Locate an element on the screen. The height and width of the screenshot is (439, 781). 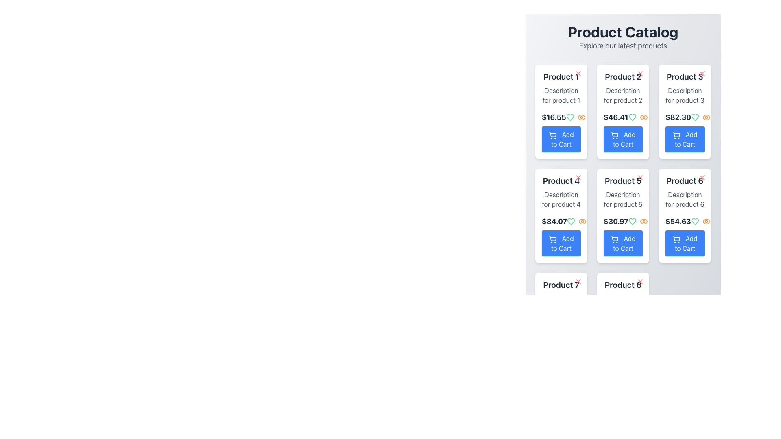
the close or dismiss SVG icon located at the bottom-right of the 'Product 8' card is located at coordinates (640, 281).